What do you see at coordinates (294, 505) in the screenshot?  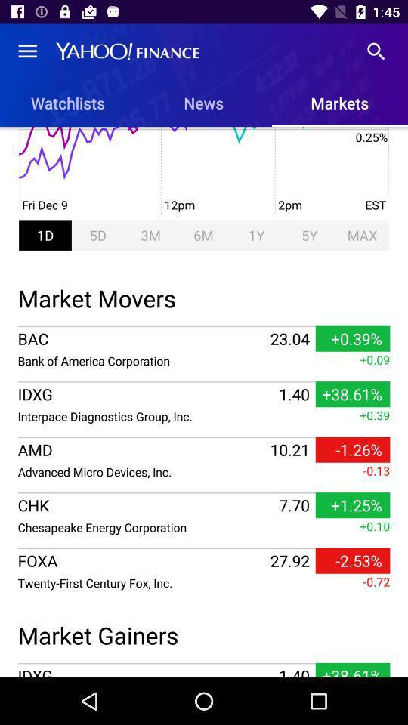 I see `the 7.70` at bounding box center [294, 505].